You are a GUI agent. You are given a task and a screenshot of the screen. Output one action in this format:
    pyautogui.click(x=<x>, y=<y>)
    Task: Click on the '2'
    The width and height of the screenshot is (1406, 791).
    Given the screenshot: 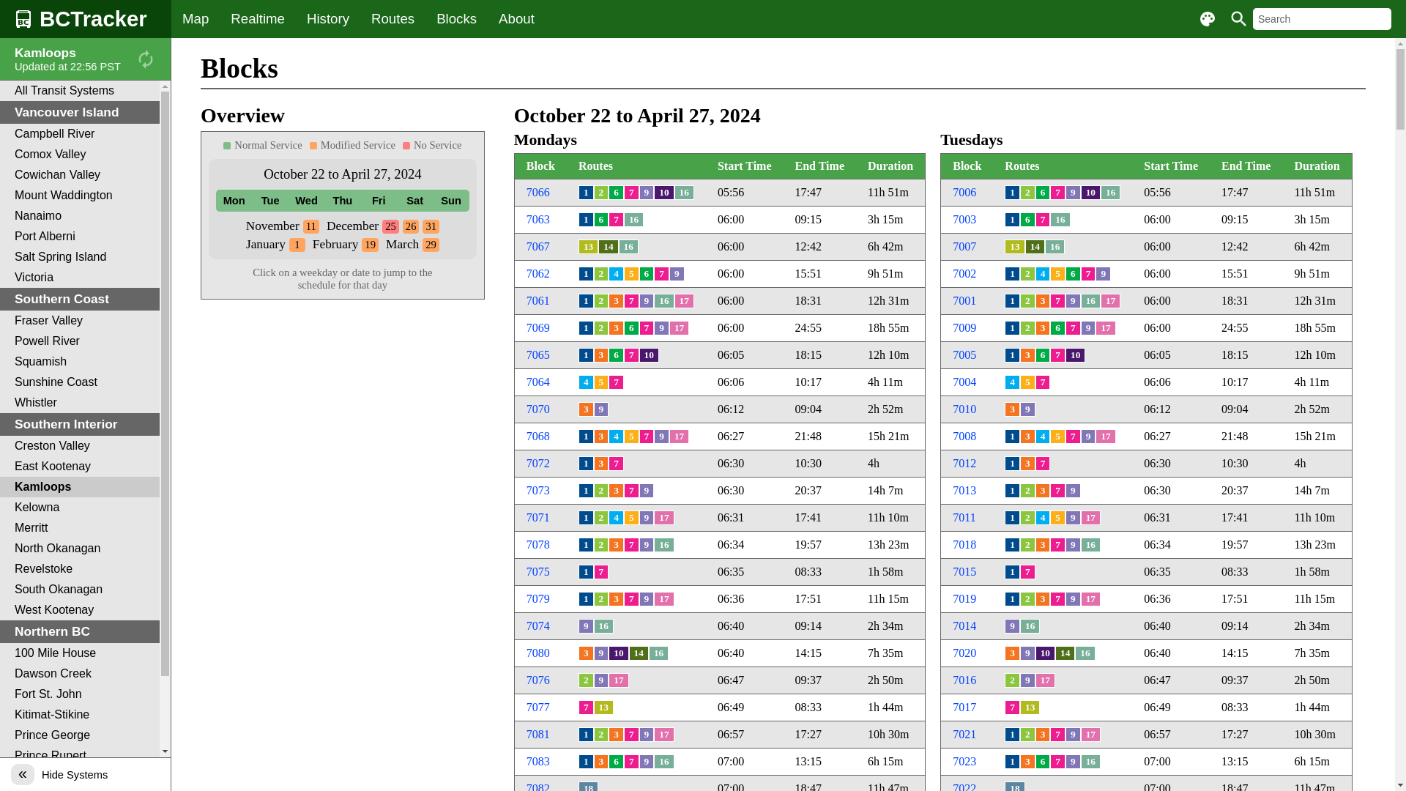 What is the action you would take?
    pyautogui.click(x=601, y=598)
    